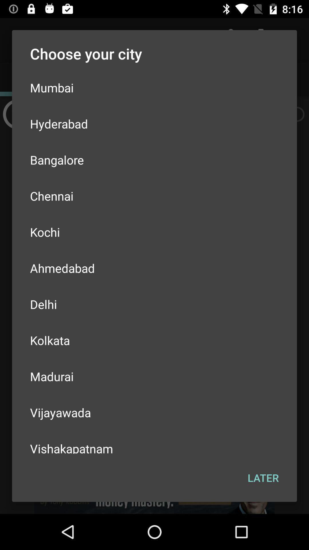 The height and width of the screenshot is (550, 309). I want to click on the item above the madurai, so click(154, 340).